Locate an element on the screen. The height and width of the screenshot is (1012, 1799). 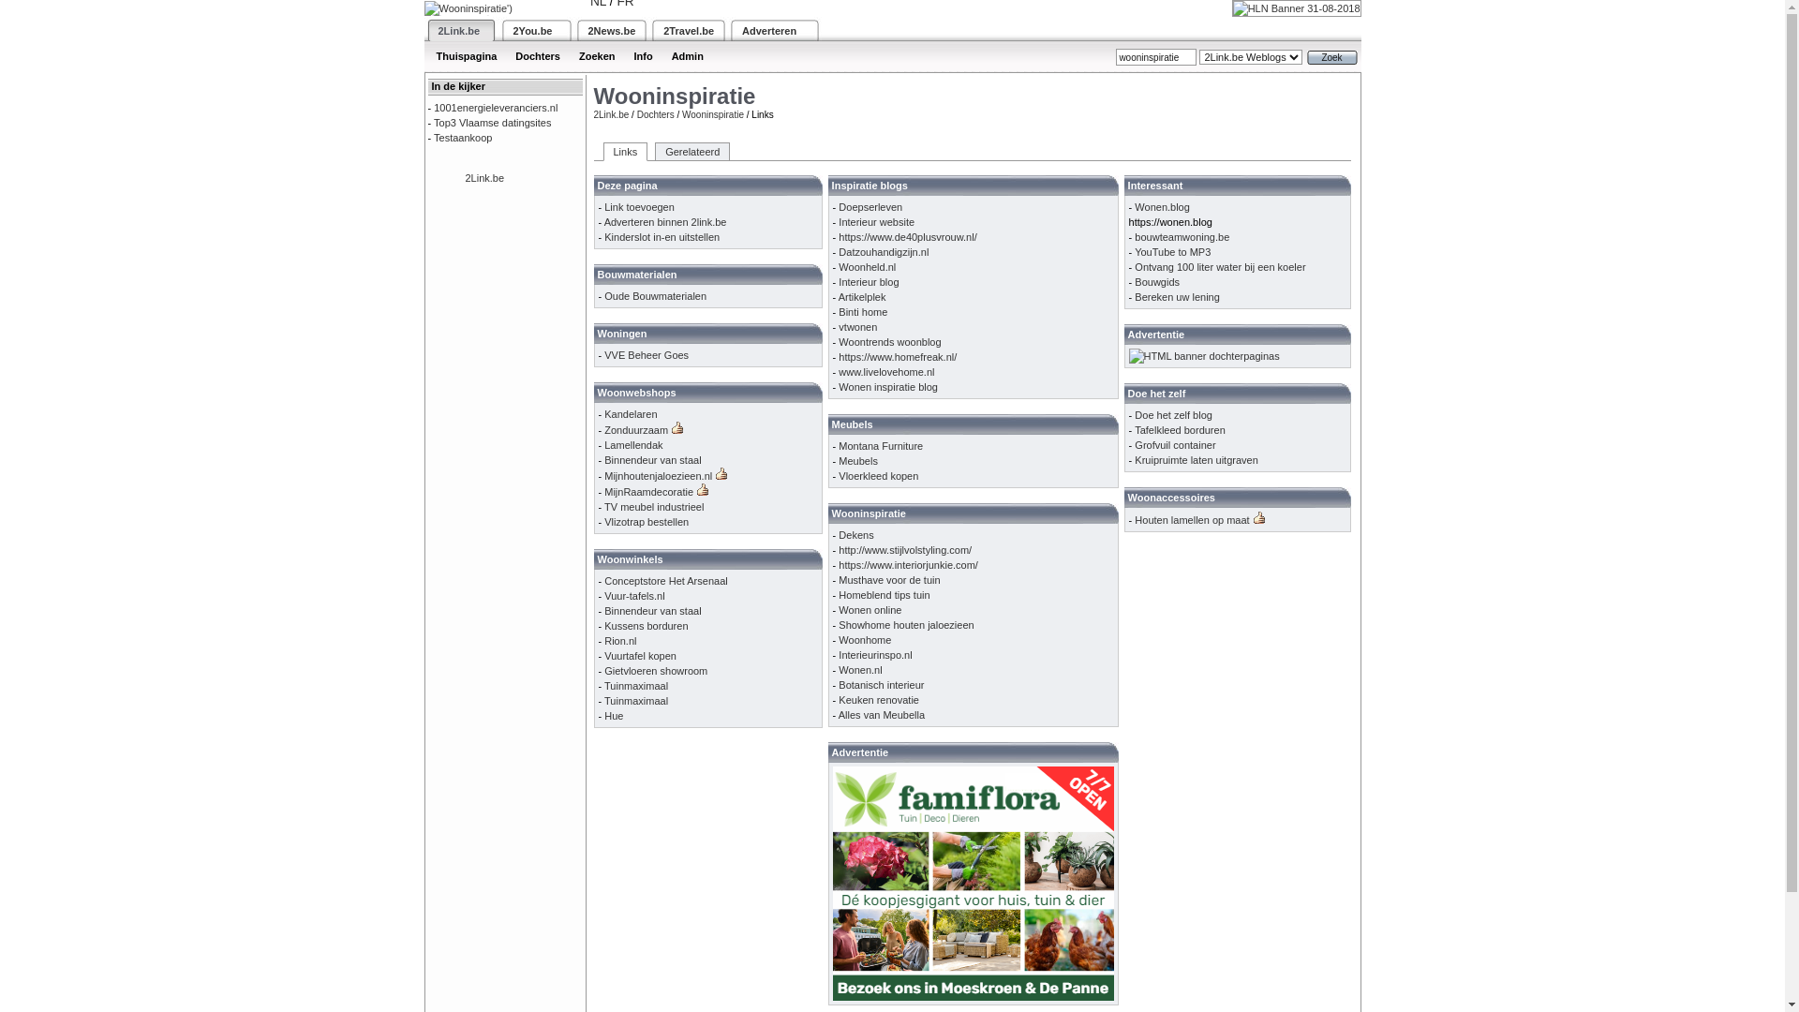
'TV meubel industrieel' is located at coordinates (653, 506).